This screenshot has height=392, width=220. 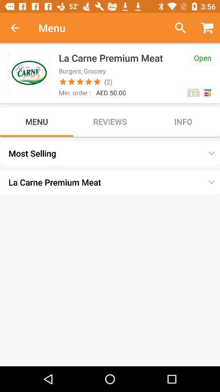 I want to click on the visa card, so click(x=207, y=93).